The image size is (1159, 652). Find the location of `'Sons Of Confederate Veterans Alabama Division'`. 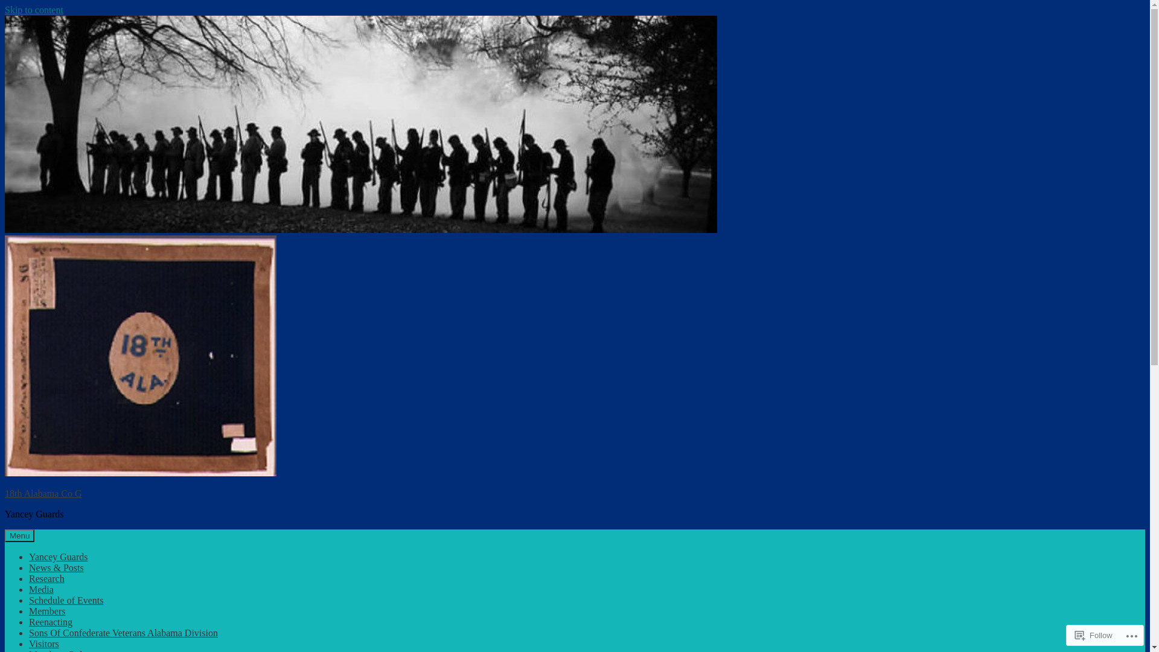

'Sons Of Confederate Veterans Alabama Division' is located at coordinates (123, 632).